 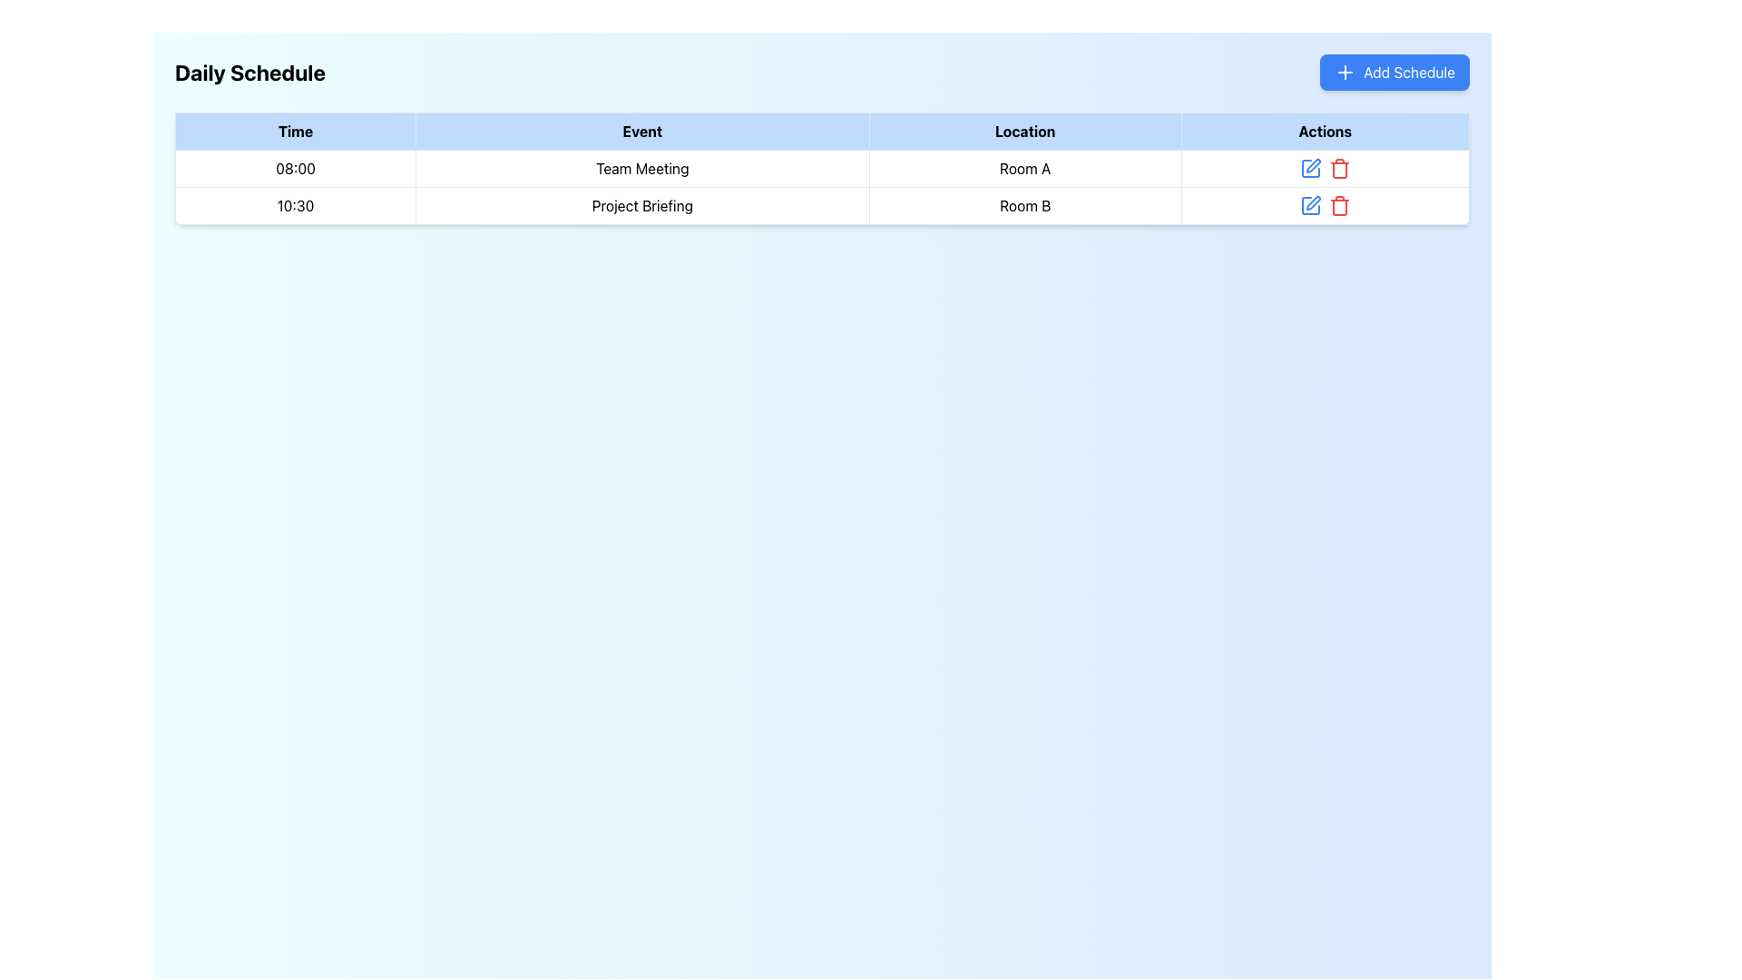 What do you see at coordinates (296, 168) in the screenshot?
I see `the table cell displaying the text '08:00' in the 'Time' column, which is the first cell under the header row` at bounding box center [296, 168].